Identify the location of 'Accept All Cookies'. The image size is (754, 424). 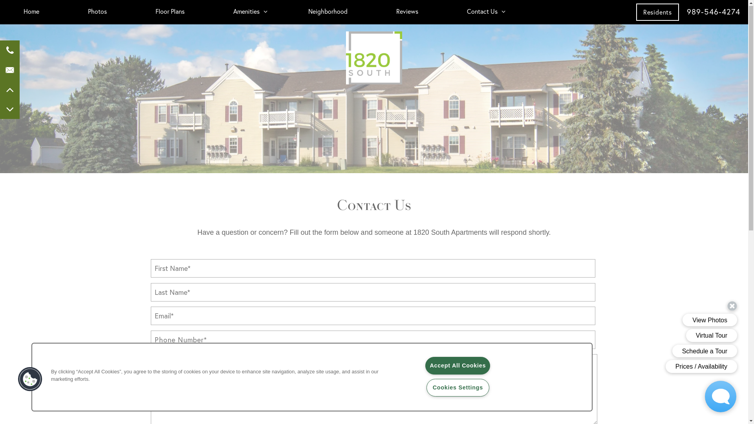
(458, 366).